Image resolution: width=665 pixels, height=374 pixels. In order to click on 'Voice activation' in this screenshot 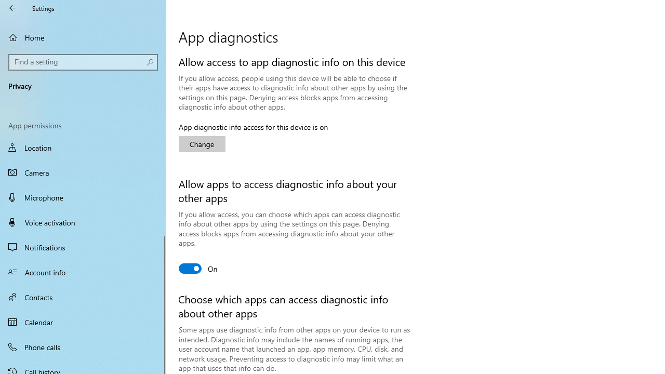, I will do `click(83, 222)`.